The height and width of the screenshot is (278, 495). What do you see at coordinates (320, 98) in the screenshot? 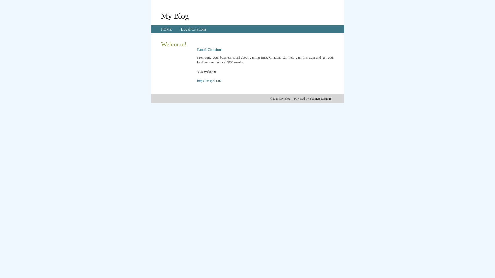
I see `'Business Listings'` at bounding box center [320, 98].